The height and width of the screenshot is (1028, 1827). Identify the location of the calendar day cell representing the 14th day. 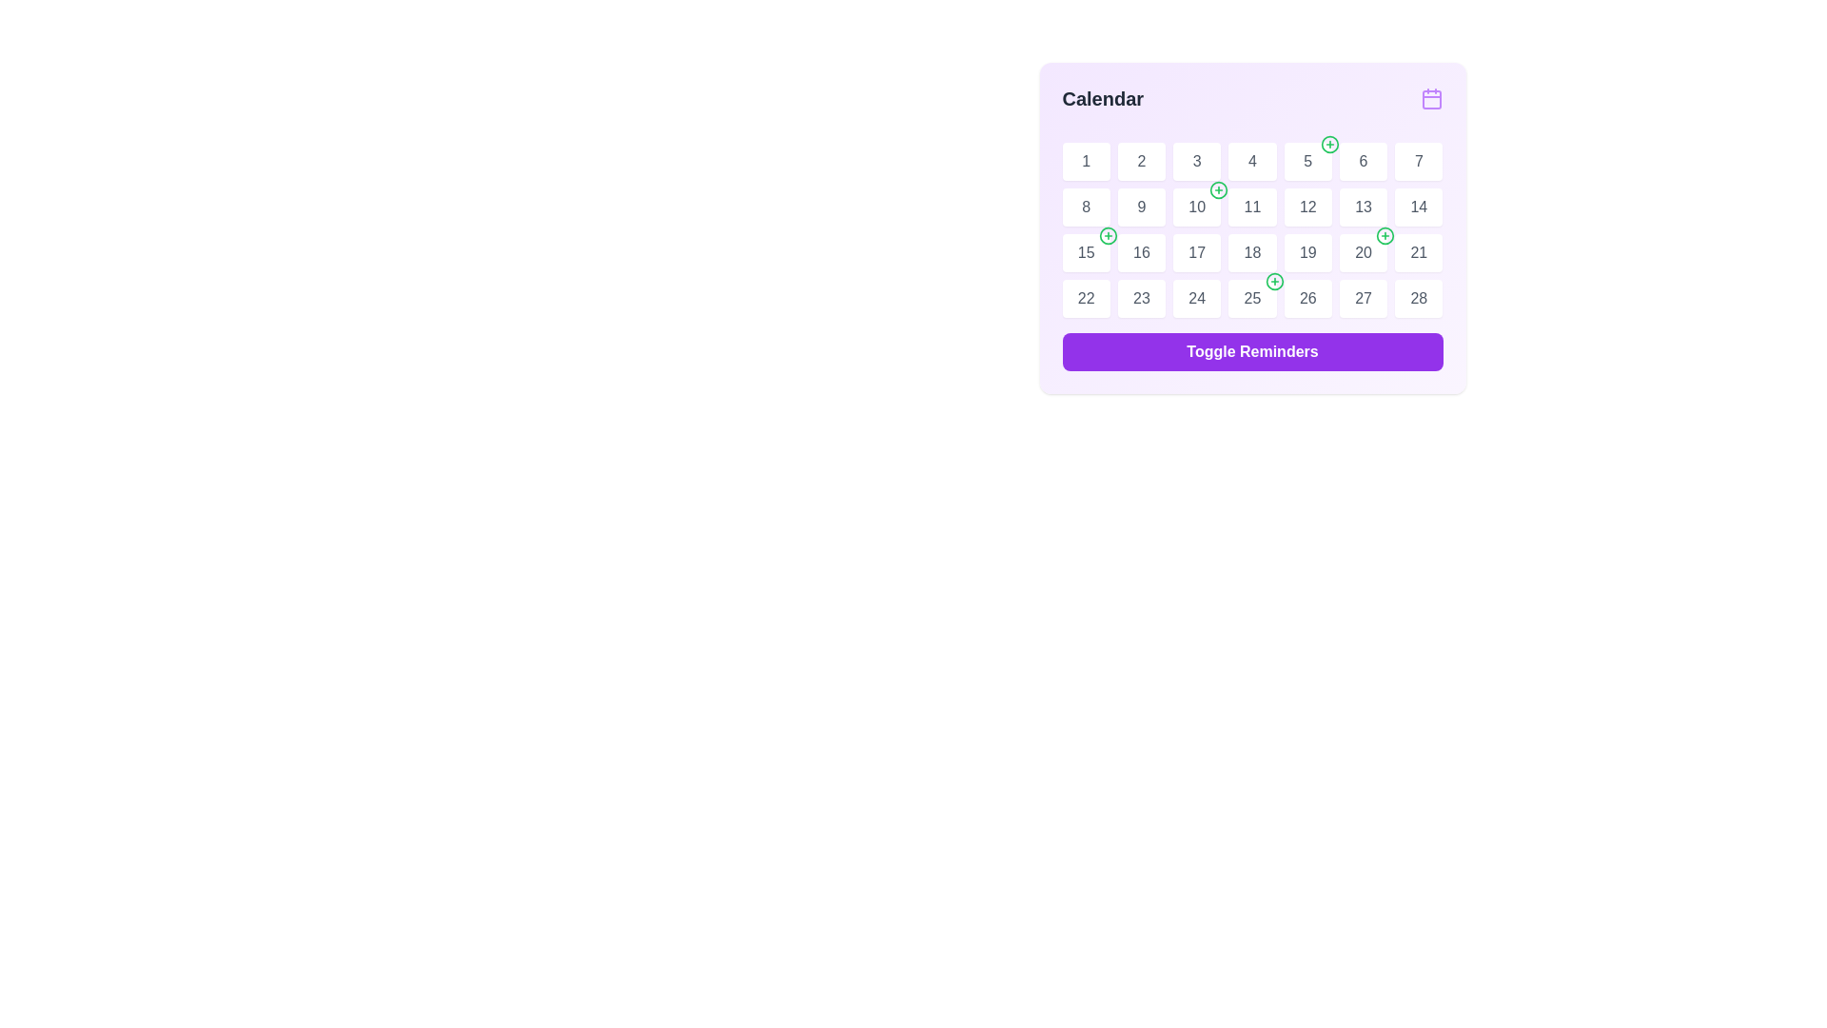
(1419, 208).